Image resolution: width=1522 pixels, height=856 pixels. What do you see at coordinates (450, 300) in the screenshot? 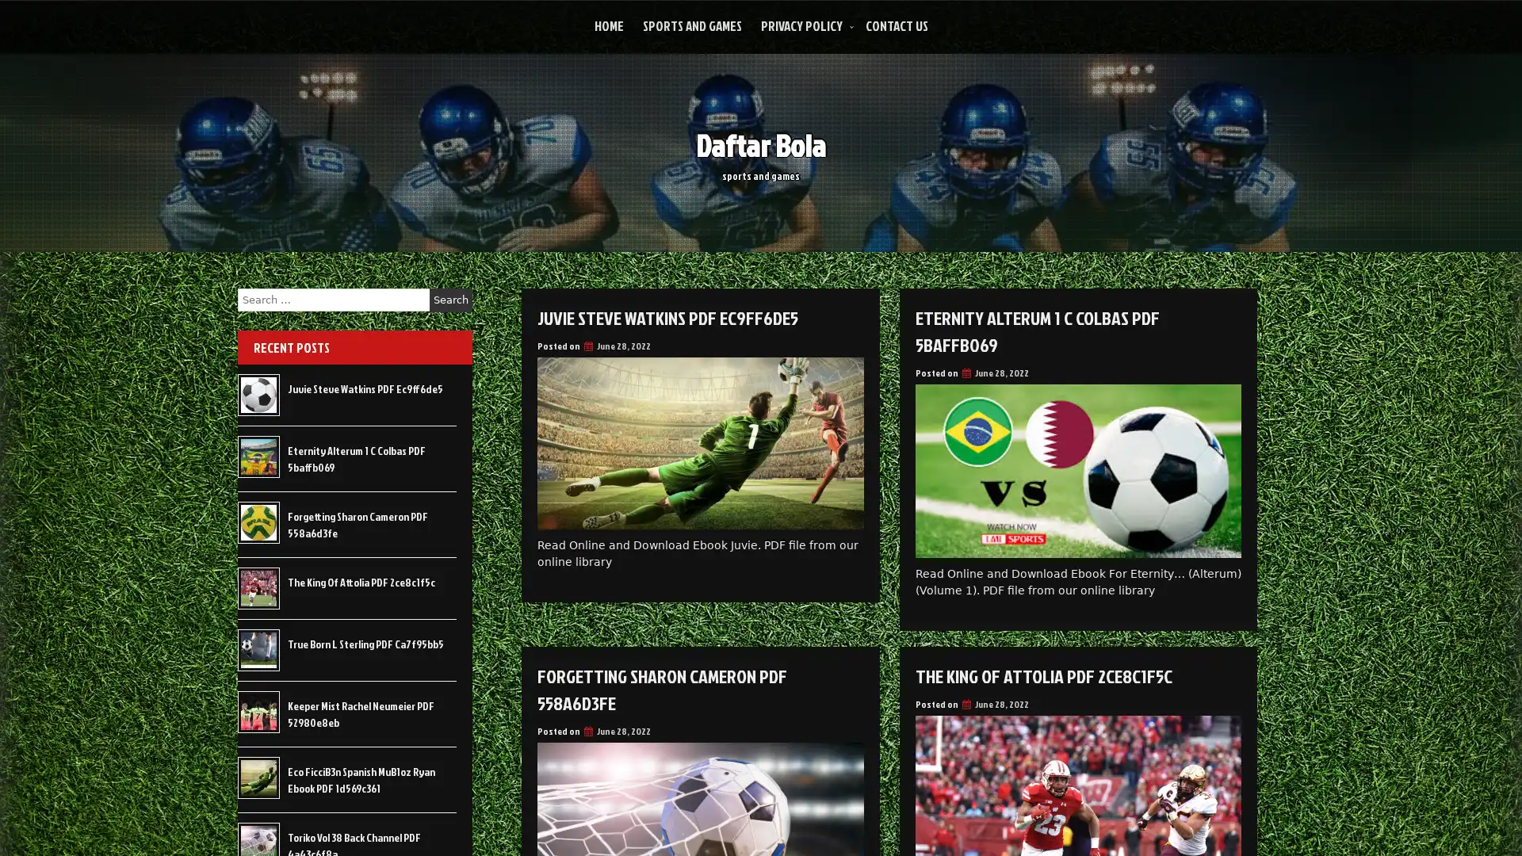
I see `Search` at bounding box center [450, 300].